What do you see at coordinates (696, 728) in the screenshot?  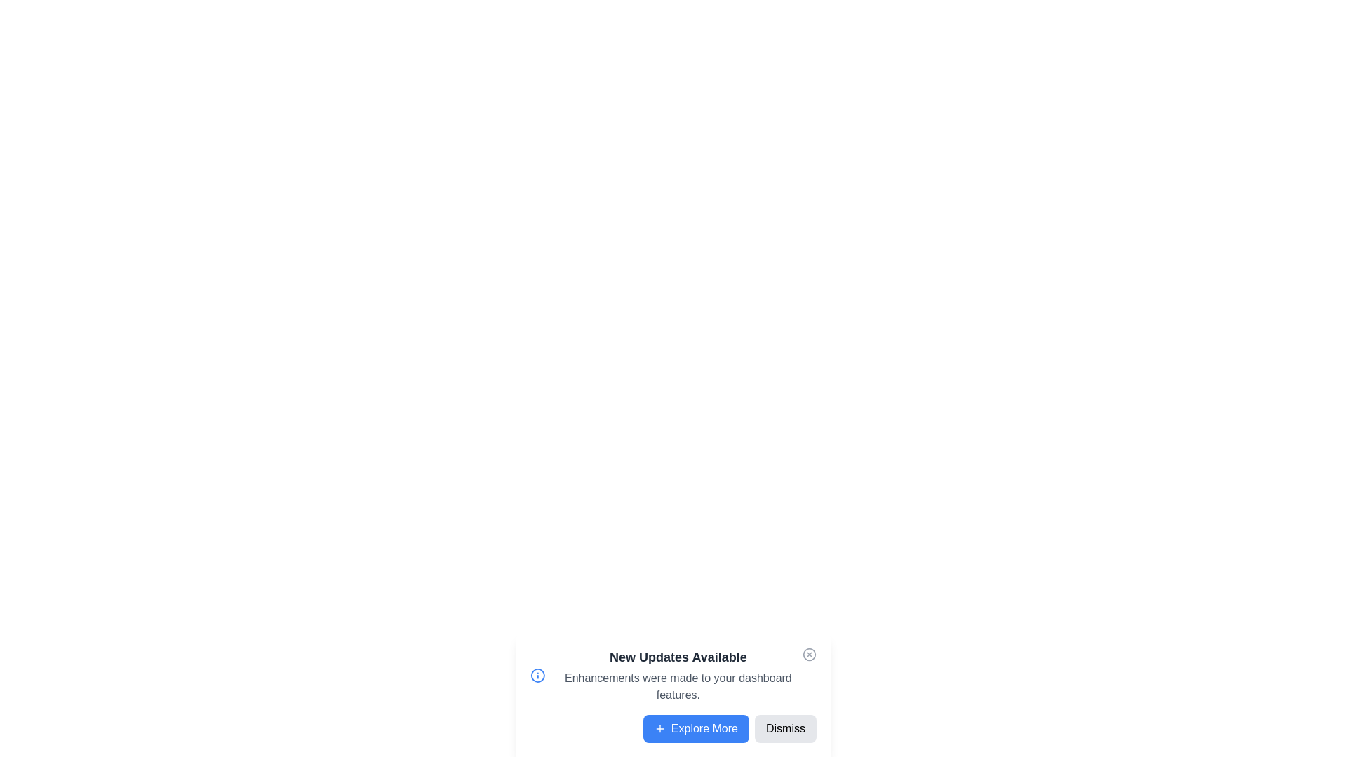 I see `the 'Explore More' button to explore additional features` at bounding box center [696, 728].